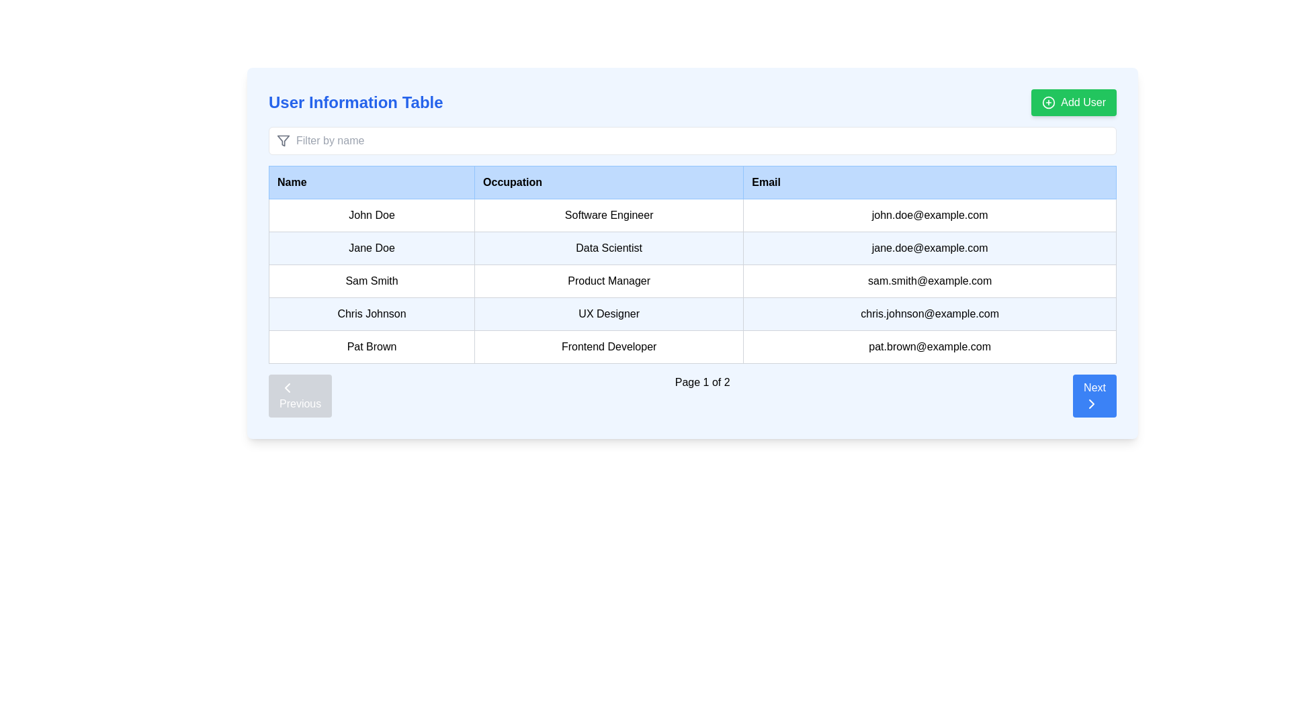 The height and width of the screenshot is (725, 1290). Describe the element at coordinates (372, 248) in the screenshot. I see `the text label 'Jane Doe' located in the leftmost column of the table` at that location.